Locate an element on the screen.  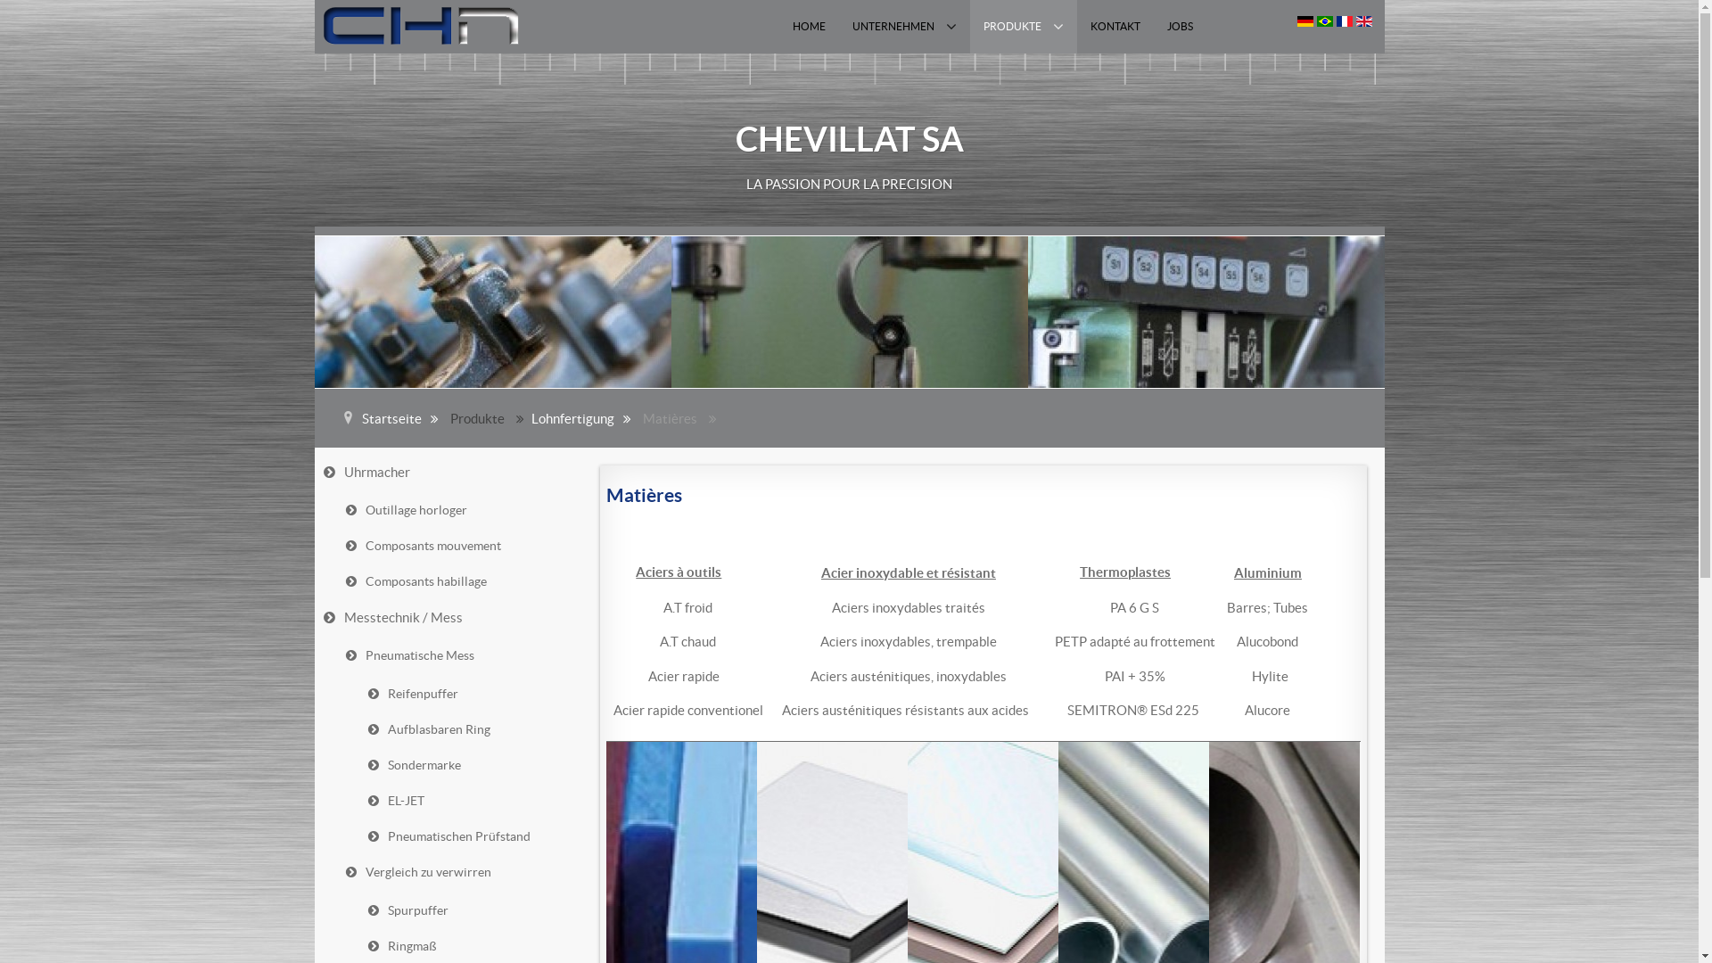
'UNTERNEHMEN' is located at coordinates (837, 27).